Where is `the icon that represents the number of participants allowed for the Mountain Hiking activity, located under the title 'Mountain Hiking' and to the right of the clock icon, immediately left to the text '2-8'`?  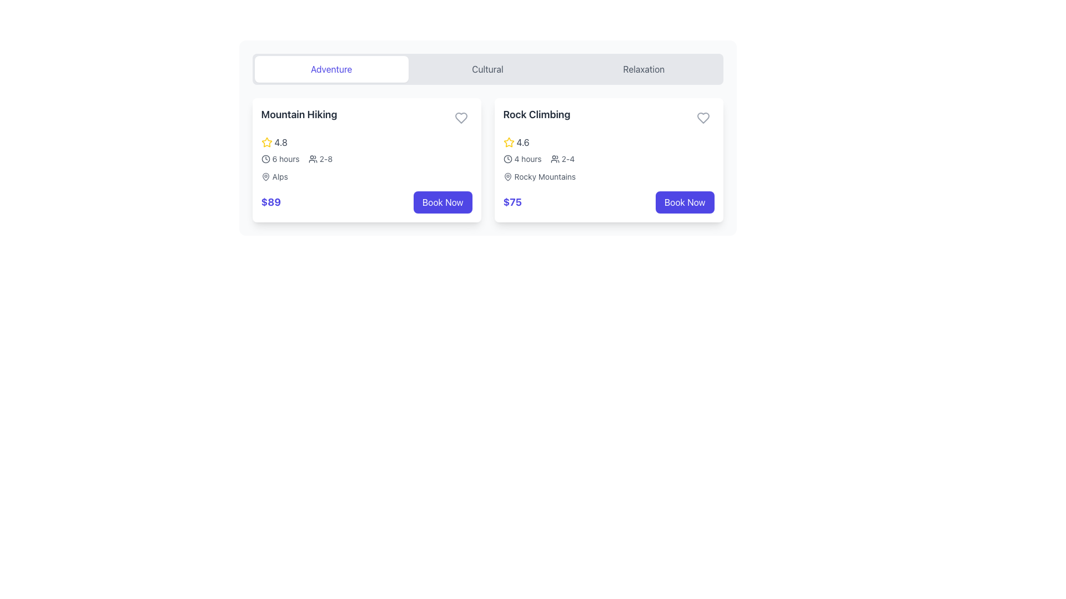 the icon that represents the number of participants allowed for the Mountain Hiking activity, located under the title 'Mountain Hiking' and to the right of the clock icon, immediately left to the text '2-8' is located at coordinates (312, 159).